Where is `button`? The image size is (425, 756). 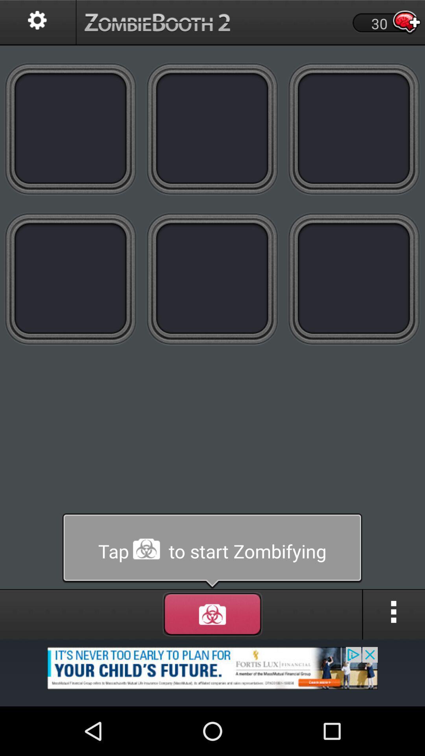 button is located at coordinates (71, 279).